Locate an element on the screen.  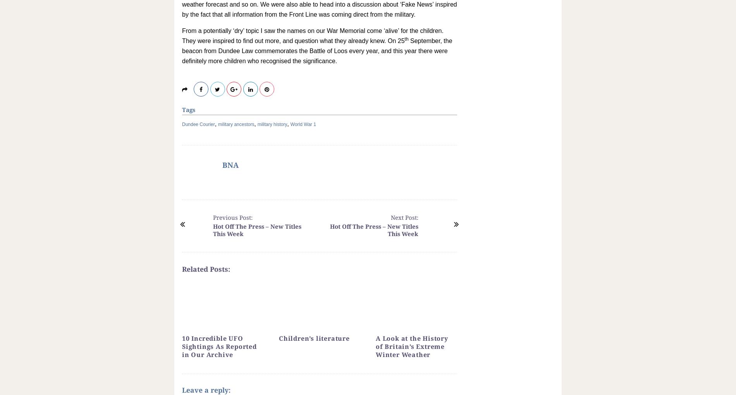
'Previous Post:' is located at coordinates (232, 217).